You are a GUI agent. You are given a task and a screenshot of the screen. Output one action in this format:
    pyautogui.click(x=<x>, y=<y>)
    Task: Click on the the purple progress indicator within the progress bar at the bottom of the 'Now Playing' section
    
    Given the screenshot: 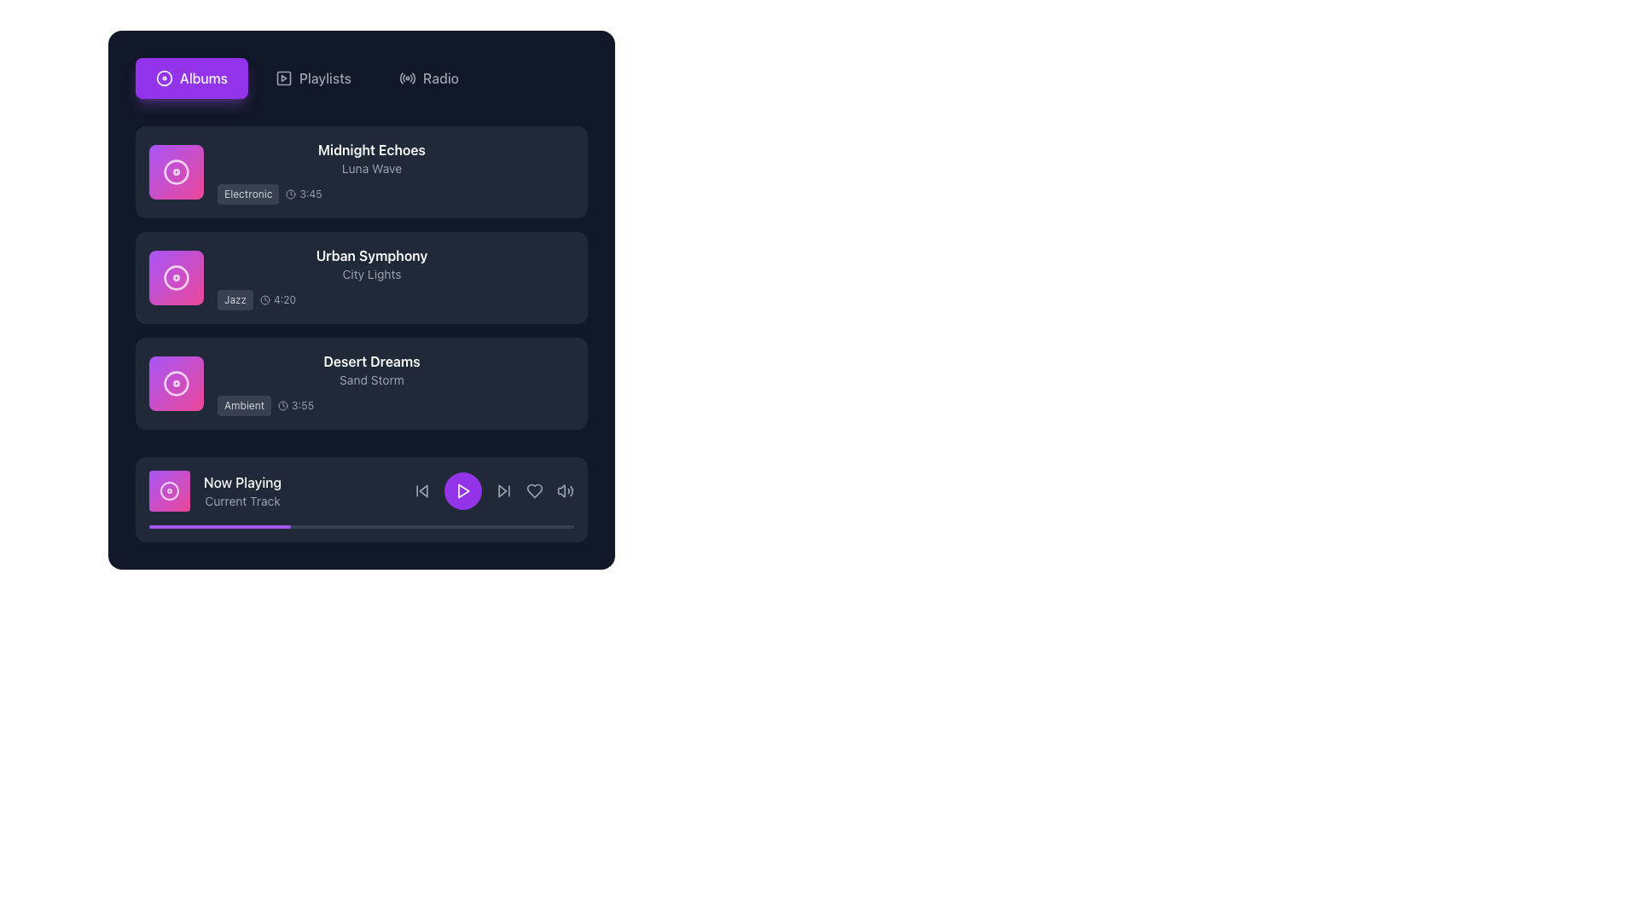 What is the action you would take?
    pyautogui.click(x=219, y=525)
    